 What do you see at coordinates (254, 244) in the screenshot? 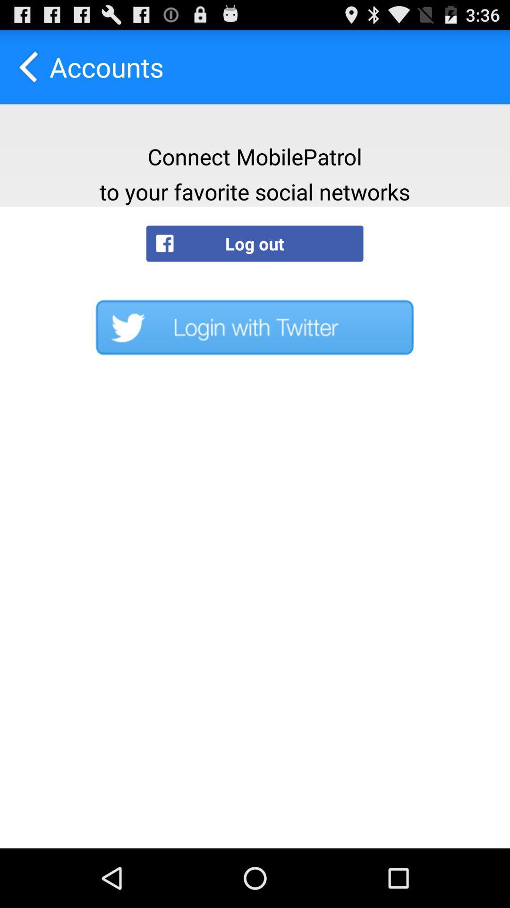
I see `the log out icon` at bounding box center [254, 244].